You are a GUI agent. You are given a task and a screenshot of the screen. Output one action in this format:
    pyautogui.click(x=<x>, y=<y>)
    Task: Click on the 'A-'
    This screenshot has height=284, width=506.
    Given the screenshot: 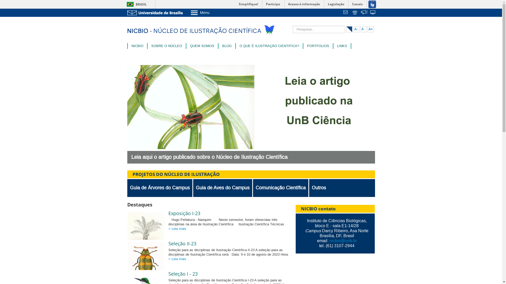 What is the action you would take?
    pyautogui.click(x=356, y=29)
    